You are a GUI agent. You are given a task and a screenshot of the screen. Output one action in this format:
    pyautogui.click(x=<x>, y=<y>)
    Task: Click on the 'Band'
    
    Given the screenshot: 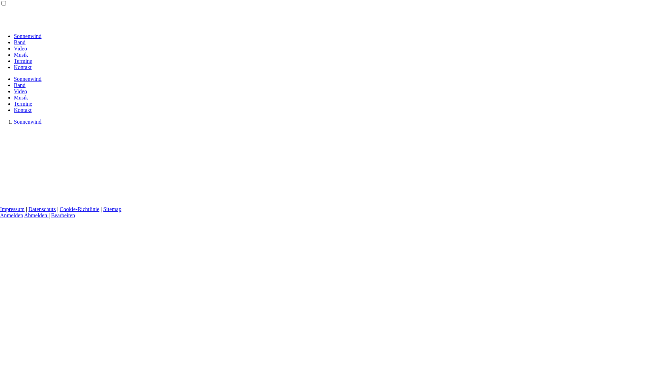 What is the action you would take?
    pyautogui.click(x=20, y=42)
    